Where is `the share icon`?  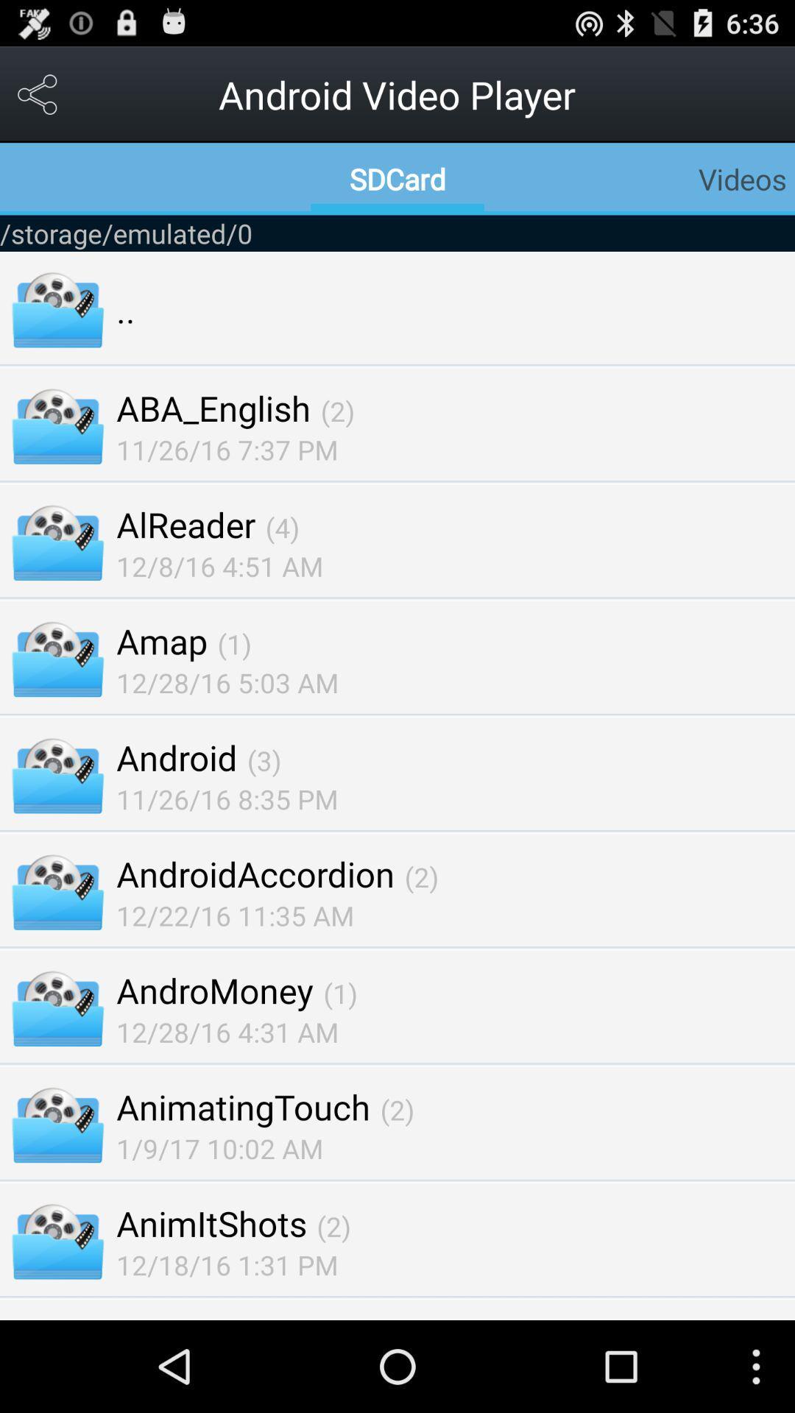
the share icon is located at coordinates (38, 100).